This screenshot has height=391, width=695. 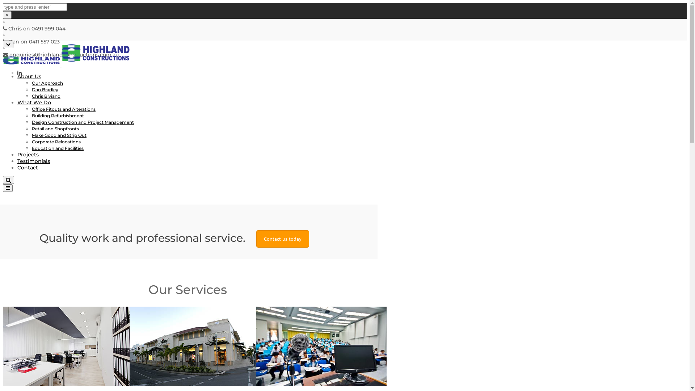 What do you see at coordinates (33, 160) in the screenshot?
I see `'Testimonials'` at bounding box center [33, 160].